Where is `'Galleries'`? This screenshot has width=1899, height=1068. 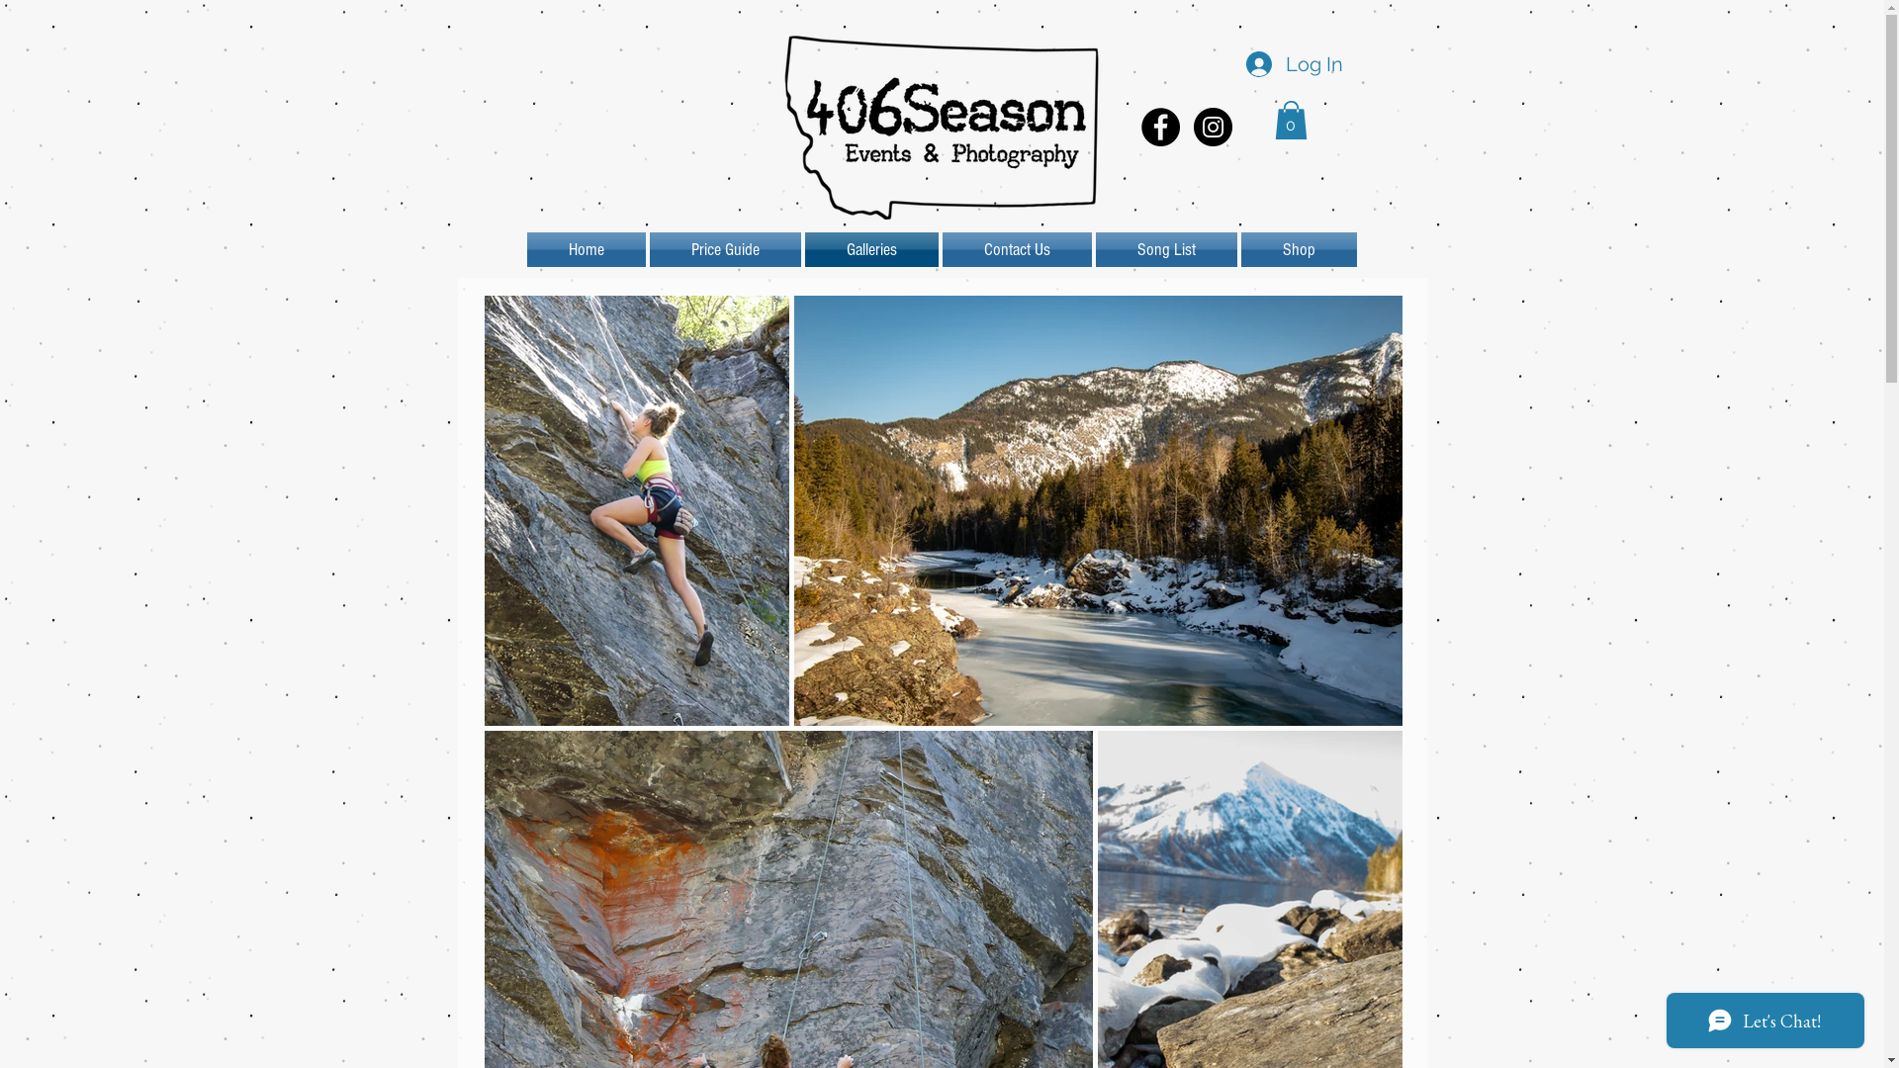
'Galleries' is located at coordinates (870, 248).